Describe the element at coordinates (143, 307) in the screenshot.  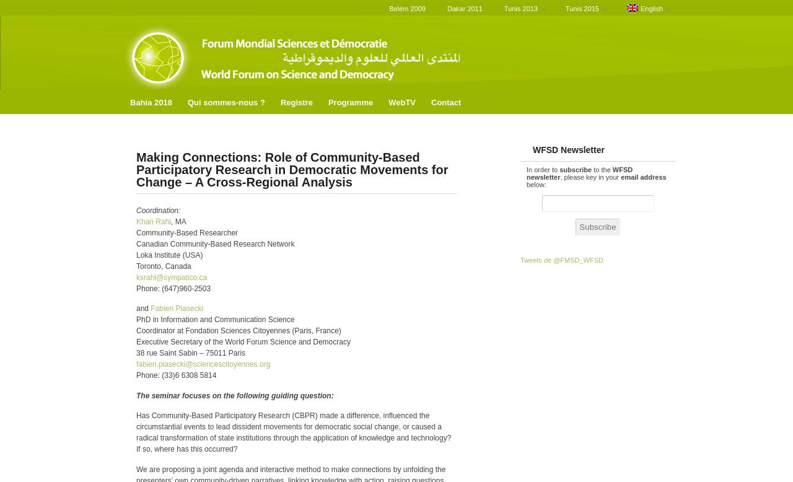
I see `'and'` at that location.